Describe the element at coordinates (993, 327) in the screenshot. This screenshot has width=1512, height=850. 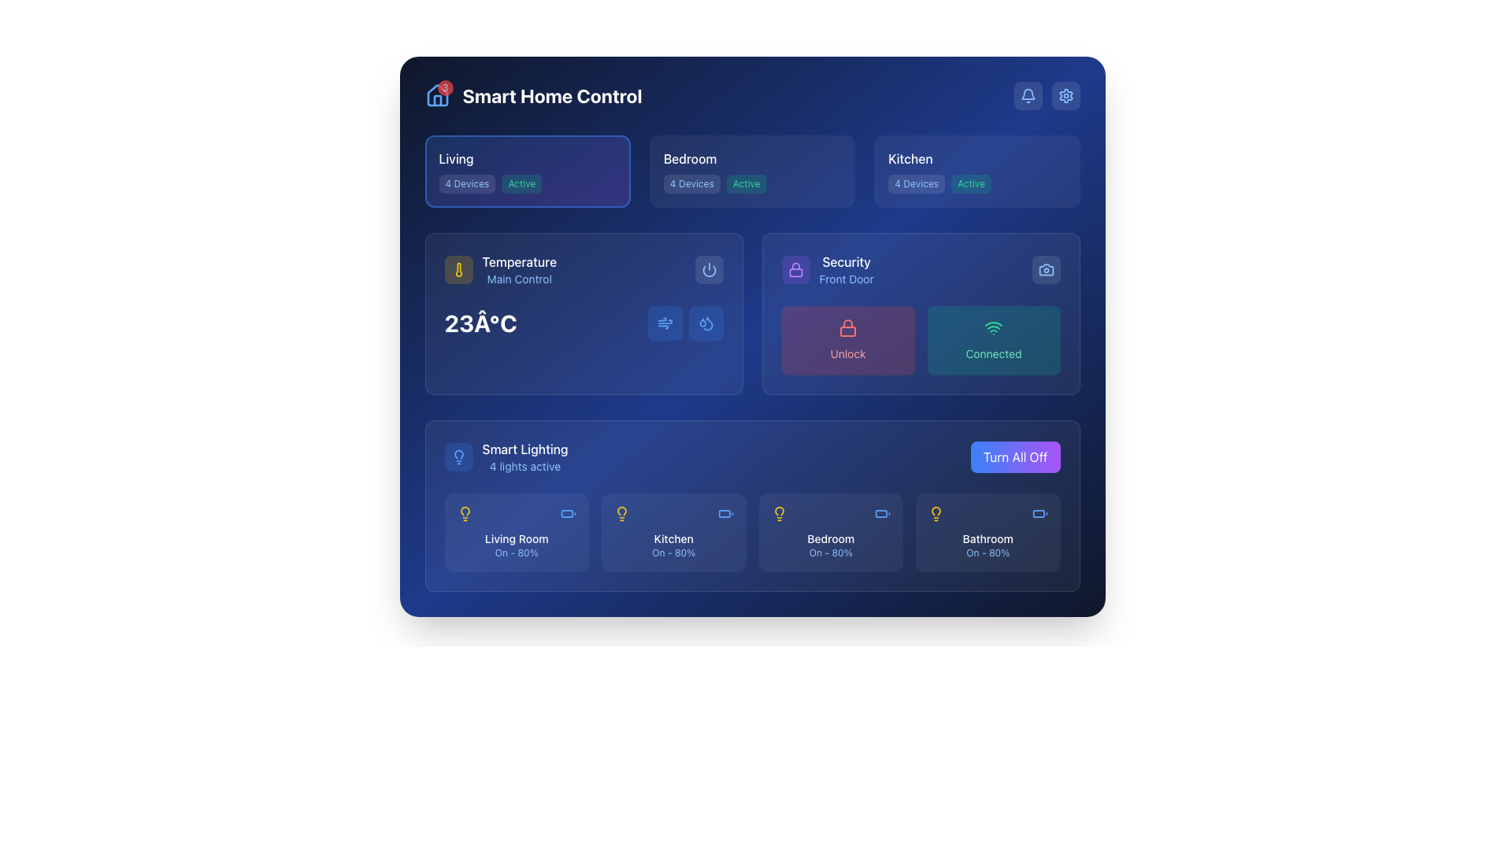
I see `the Wi-Fi icon element, which is a compact, circular design with cascading semi-circles above a small circle, styled in emerald-green hue, located in the third column of the second row within a rectangular card above the 'Connected' label` at that location.